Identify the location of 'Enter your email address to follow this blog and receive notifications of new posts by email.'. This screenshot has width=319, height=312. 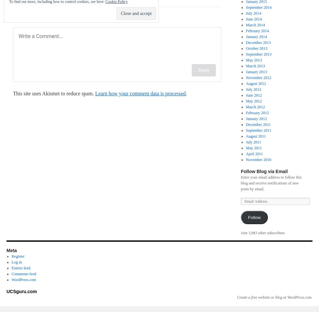
(271, 183).